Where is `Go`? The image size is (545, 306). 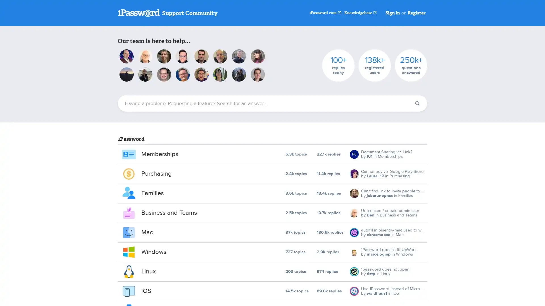
Go is located at coordinates (417, 103).